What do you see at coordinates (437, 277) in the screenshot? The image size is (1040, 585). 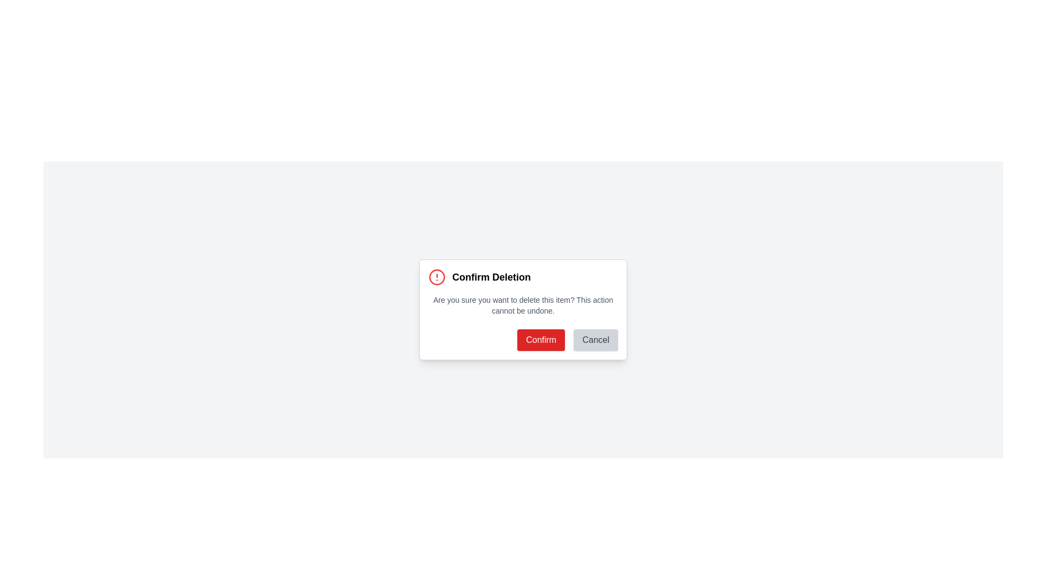 I see `visual alert icon located in the top-left corner of the modal, next to the heading 'Confirm Deletion', to understand its functionality and importance` at bounding box center [437, 277].